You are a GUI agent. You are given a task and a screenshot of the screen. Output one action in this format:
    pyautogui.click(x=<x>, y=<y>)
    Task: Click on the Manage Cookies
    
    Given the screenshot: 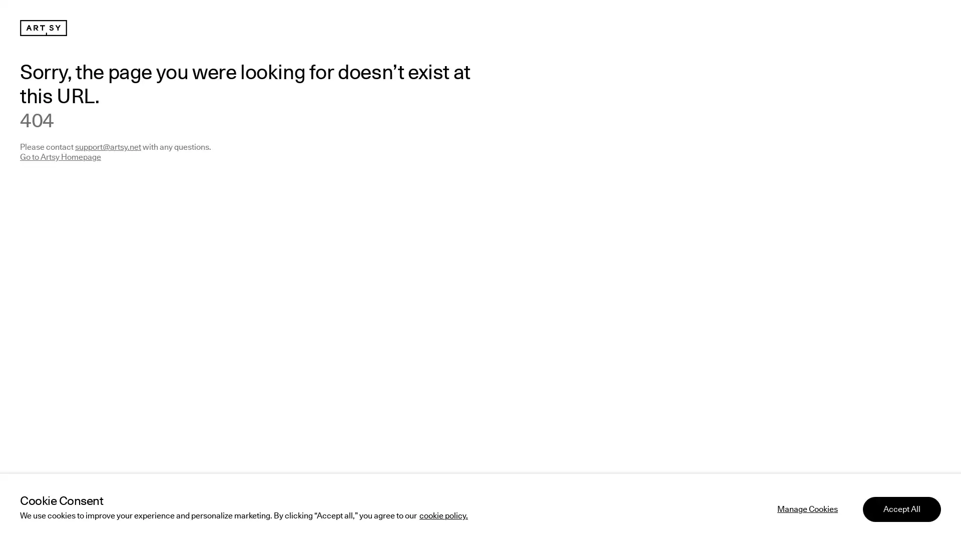 What is the action you would take?
    pyautogui.click(x=807, y=508)
    